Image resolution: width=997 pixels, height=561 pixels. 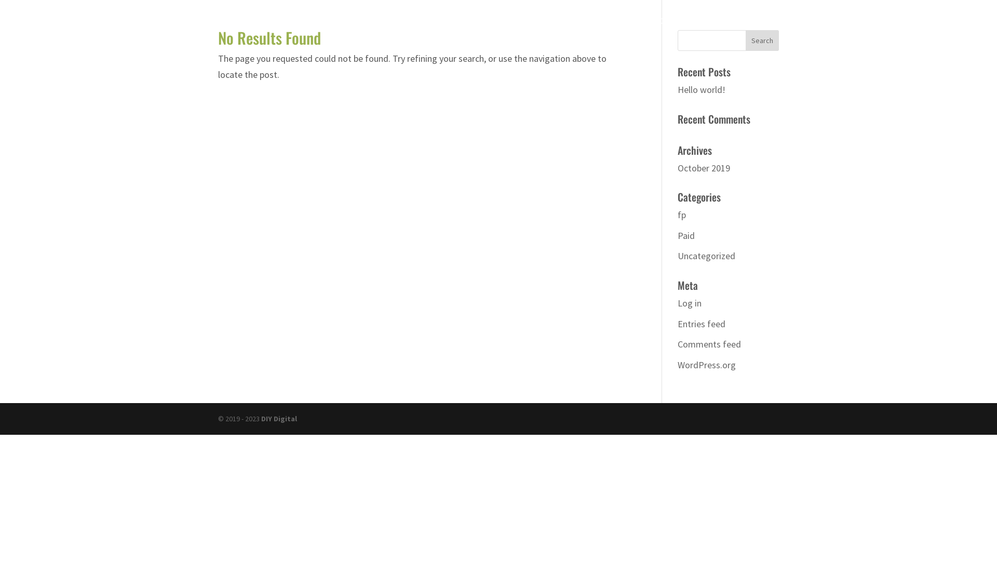 I want to click on 'fp', so click(x=682, y=214).